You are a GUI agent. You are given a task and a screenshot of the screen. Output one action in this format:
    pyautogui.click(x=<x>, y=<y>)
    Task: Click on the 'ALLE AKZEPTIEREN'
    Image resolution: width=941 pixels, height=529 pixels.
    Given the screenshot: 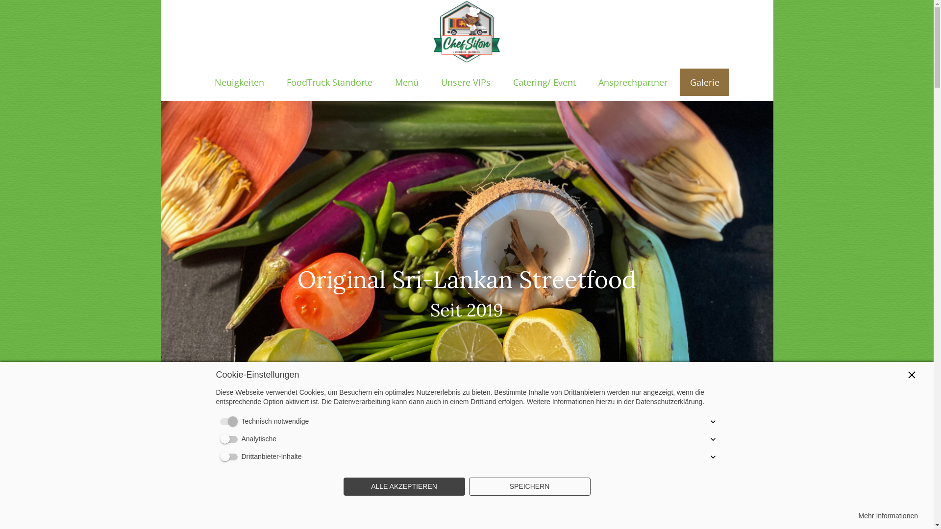 What is the action you would take?
    pyautogui.click(x=404, y=487)
    